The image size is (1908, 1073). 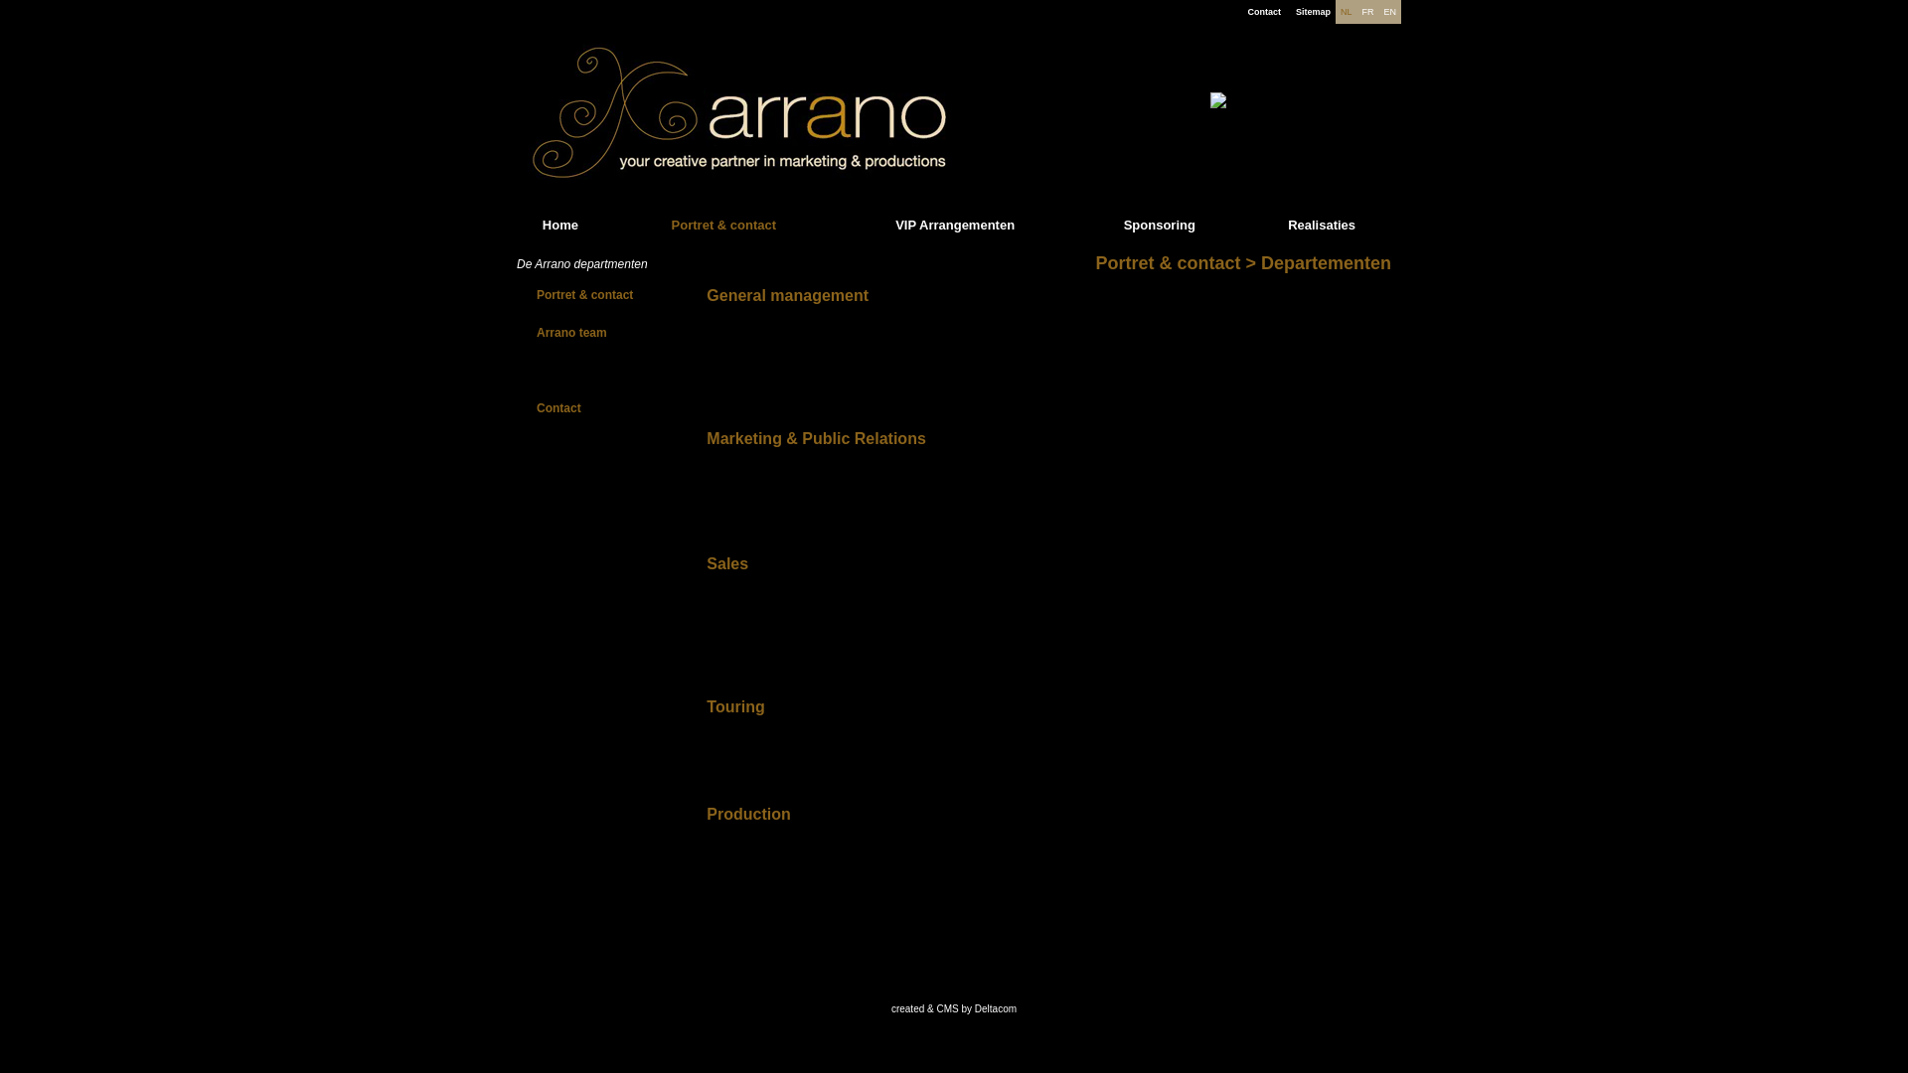 I want to click on 'Sitemap', so click(x=1296, y=11).